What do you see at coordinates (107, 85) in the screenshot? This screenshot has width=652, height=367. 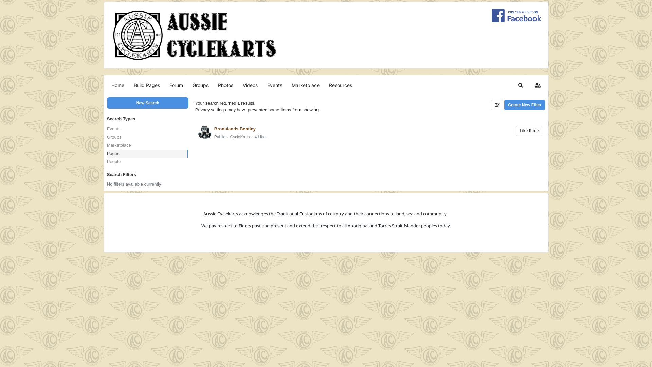 I see `'Home'` at bounding box center [107, 85].